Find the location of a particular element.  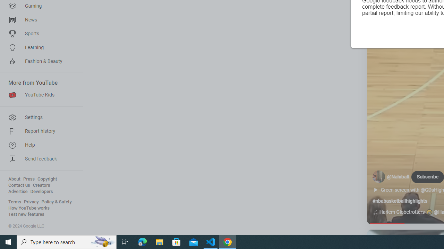

'Fashion & Beauty' is located at coordinates (39, 61).